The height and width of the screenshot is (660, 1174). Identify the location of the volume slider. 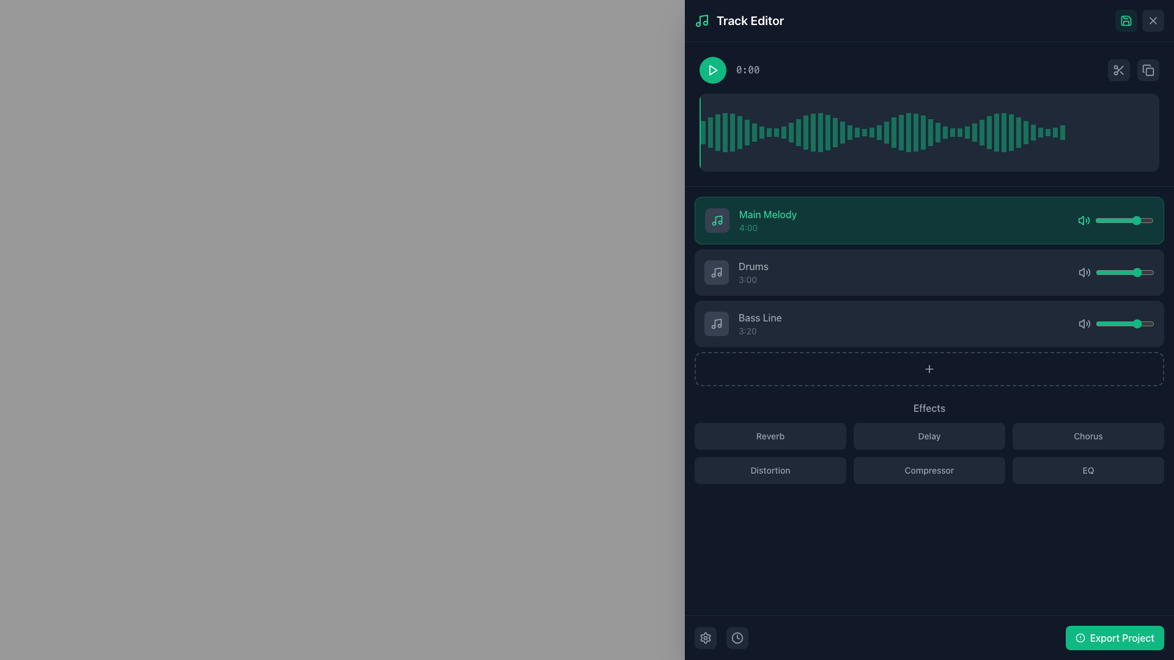
(1129, 272).